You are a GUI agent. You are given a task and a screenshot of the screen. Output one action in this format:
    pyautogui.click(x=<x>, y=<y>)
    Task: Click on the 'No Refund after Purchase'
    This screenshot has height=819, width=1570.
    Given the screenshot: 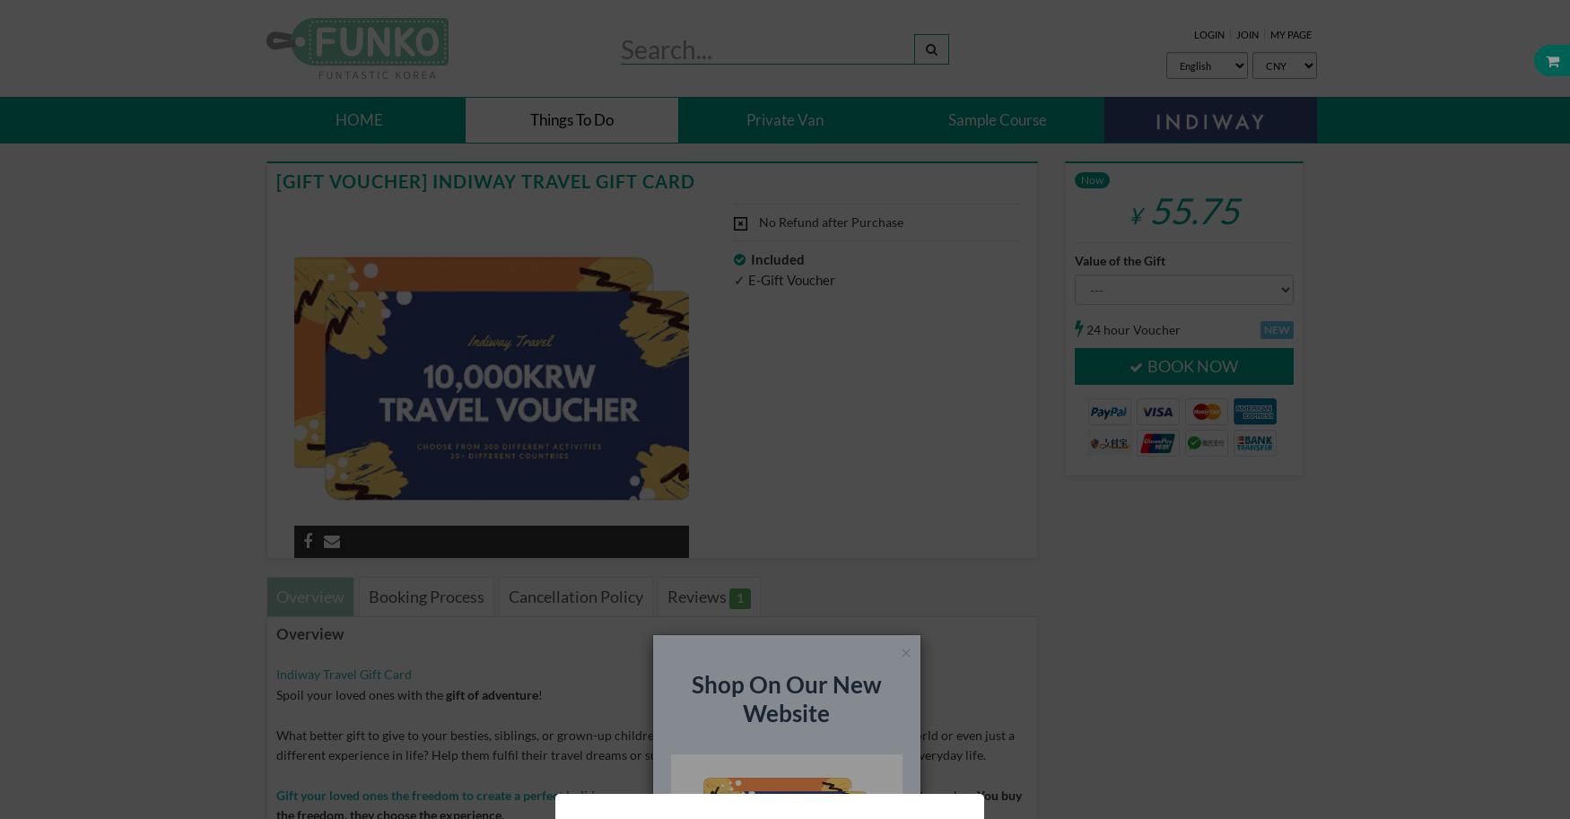 What is the action you would take?
    pyautogui.click(x=755, y=221)
    